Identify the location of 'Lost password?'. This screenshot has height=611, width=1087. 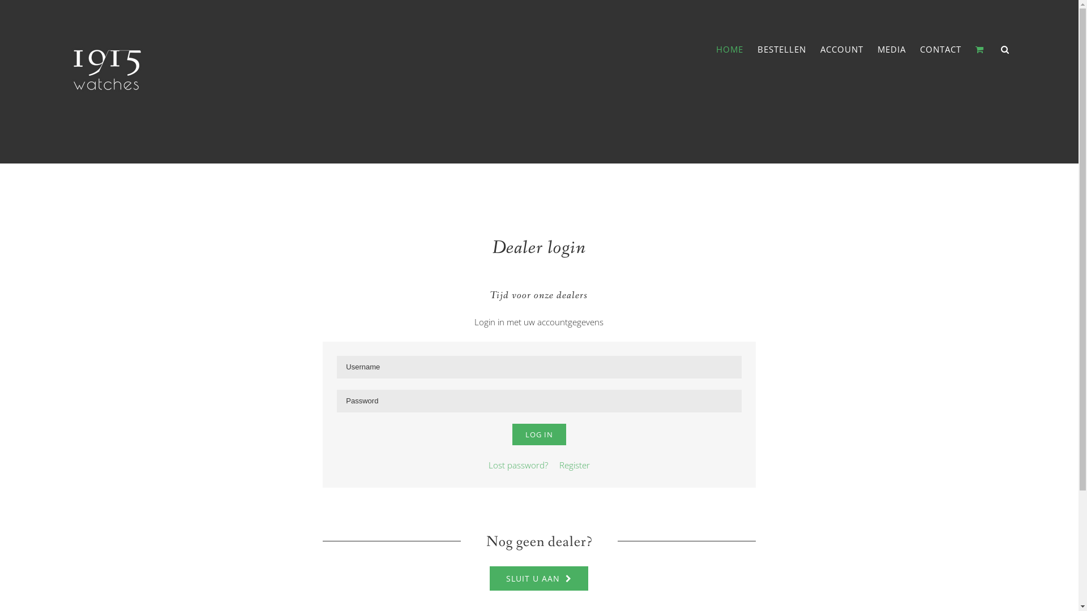
(517, 464).